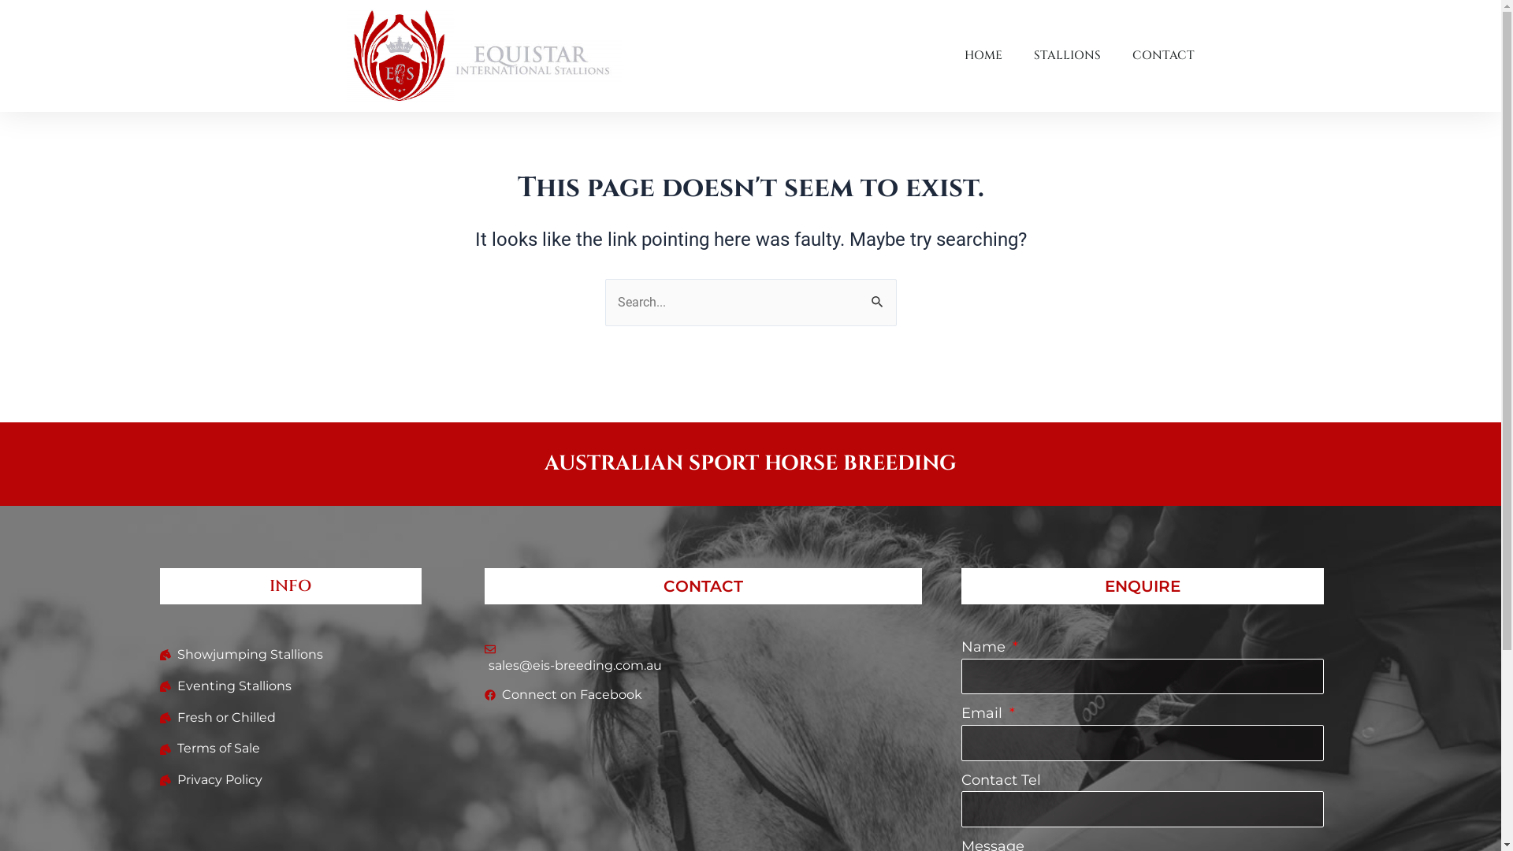  What do you see at coordinates (1067, 54) in the screenshot?
I see `'STALLIONS'` at bounding box center [1067, 54].